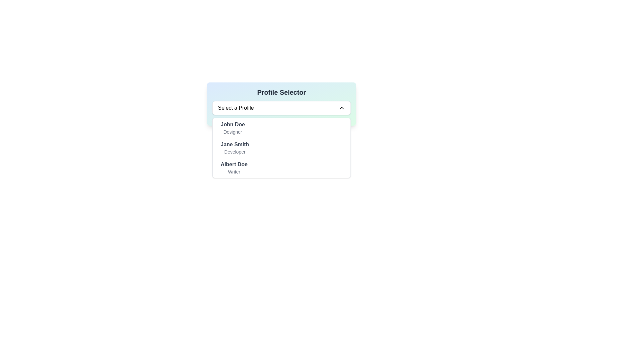  Describe the element at coordinates (281, 107) in the screenshot. I see `on the Dropdown menu located beneath the 'Profile Selector' title` at that location.